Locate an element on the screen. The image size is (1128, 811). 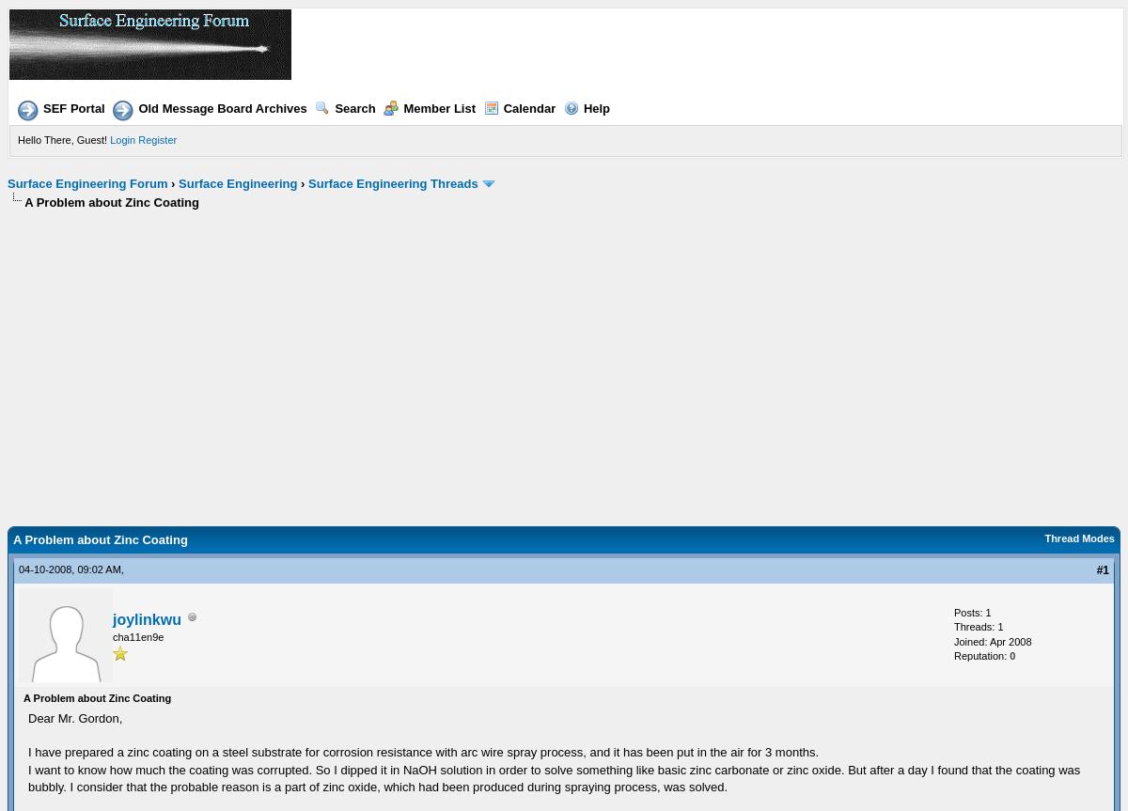
'Member List' is located at coordinates (438, 107).